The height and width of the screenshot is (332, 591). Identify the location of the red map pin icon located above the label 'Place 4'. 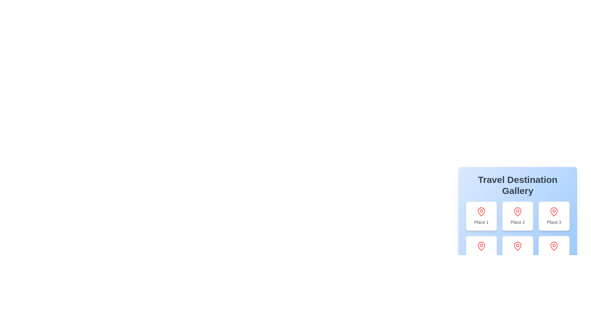
(481, 246).